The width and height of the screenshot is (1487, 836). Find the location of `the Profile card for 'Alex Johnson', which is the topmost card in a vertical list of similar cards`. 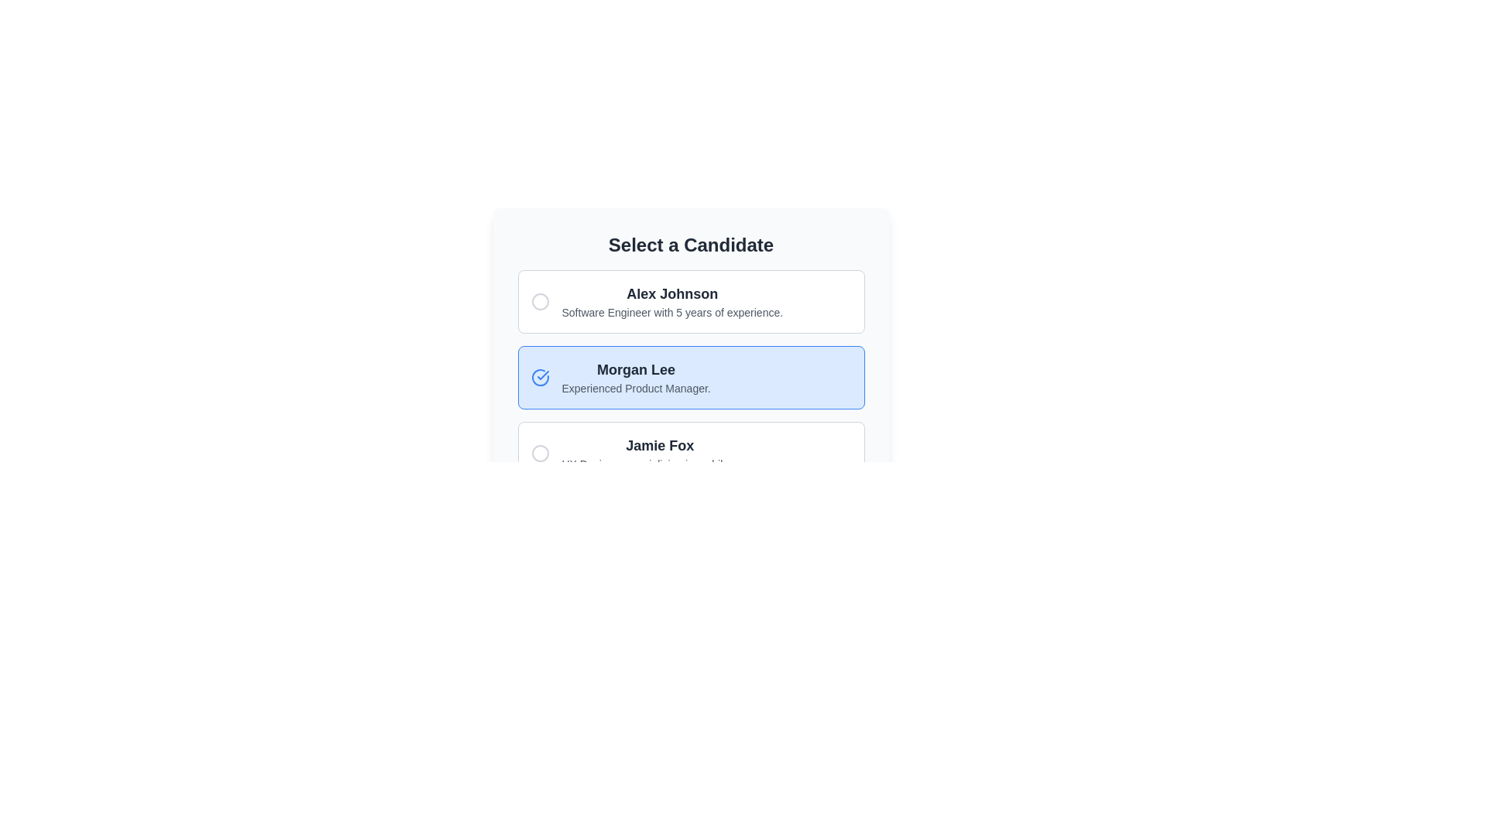

the Profile card for 'Alex Johnson', which is the topmost card in a vertical list of similar cards is located at coordinates (690, 301).